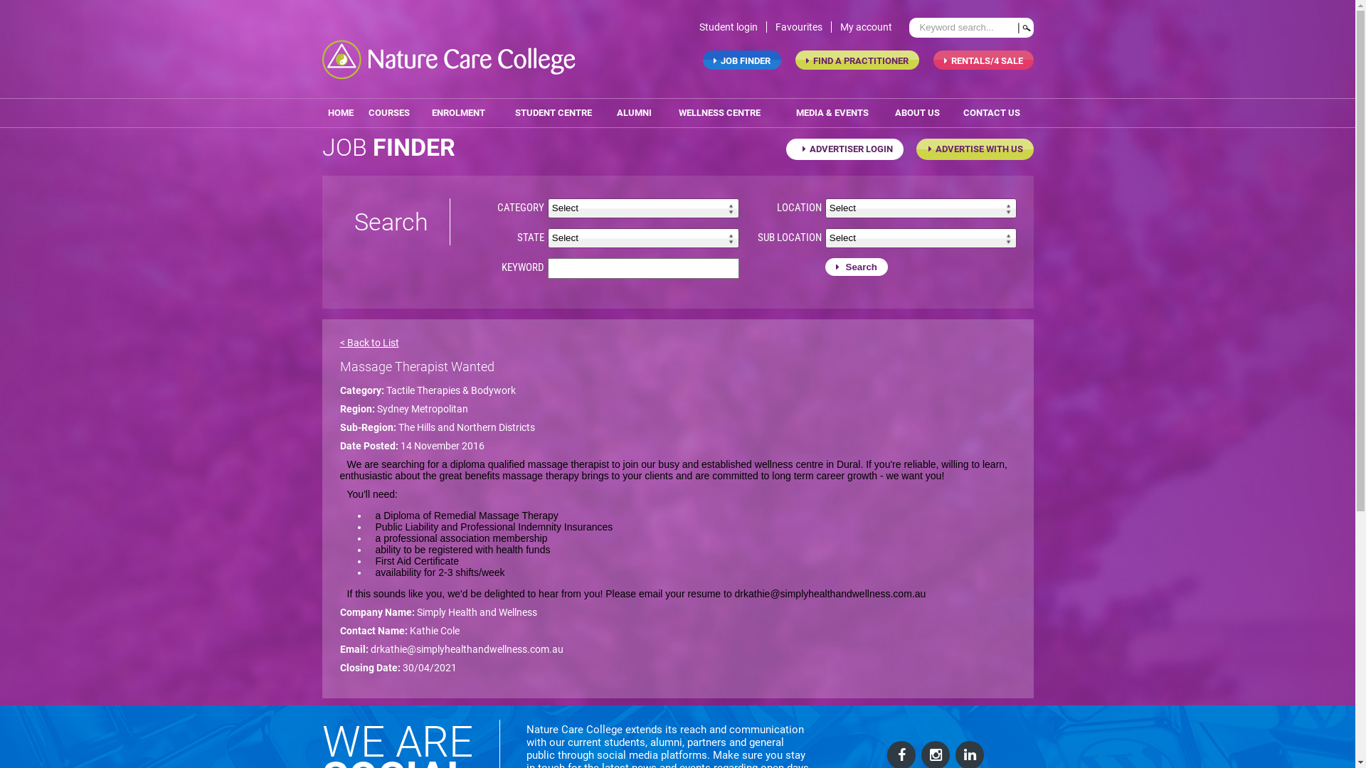  What do you see at coordinates (983, 59) in the screenshot?
I see `'RENTALS/4 SALE'` at bounding box center [983, 59].